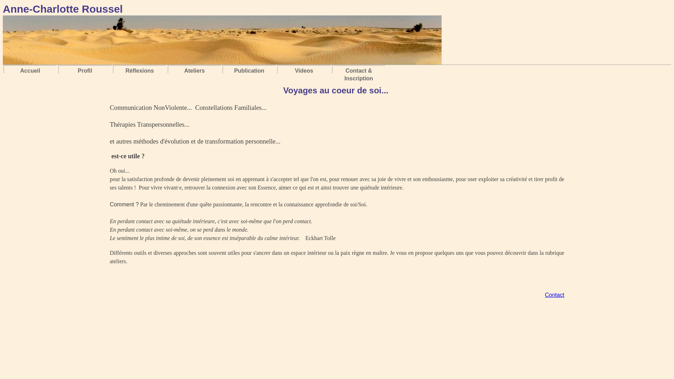 This screenshot has height=379, width=674. Describe the element at coordinates (84, 71) in the screenshot. I see `'Profil'` at that location.